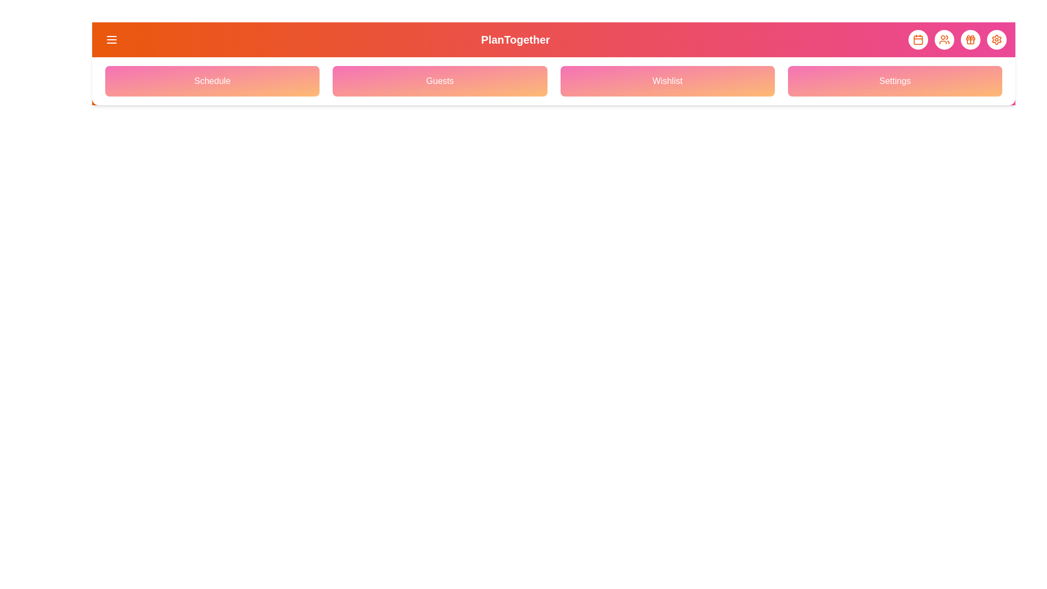 The width and height of the screenshot is (1047, 589). I want to click on the element with Calendar Icon to observe its hover effect, so click(918, 39).